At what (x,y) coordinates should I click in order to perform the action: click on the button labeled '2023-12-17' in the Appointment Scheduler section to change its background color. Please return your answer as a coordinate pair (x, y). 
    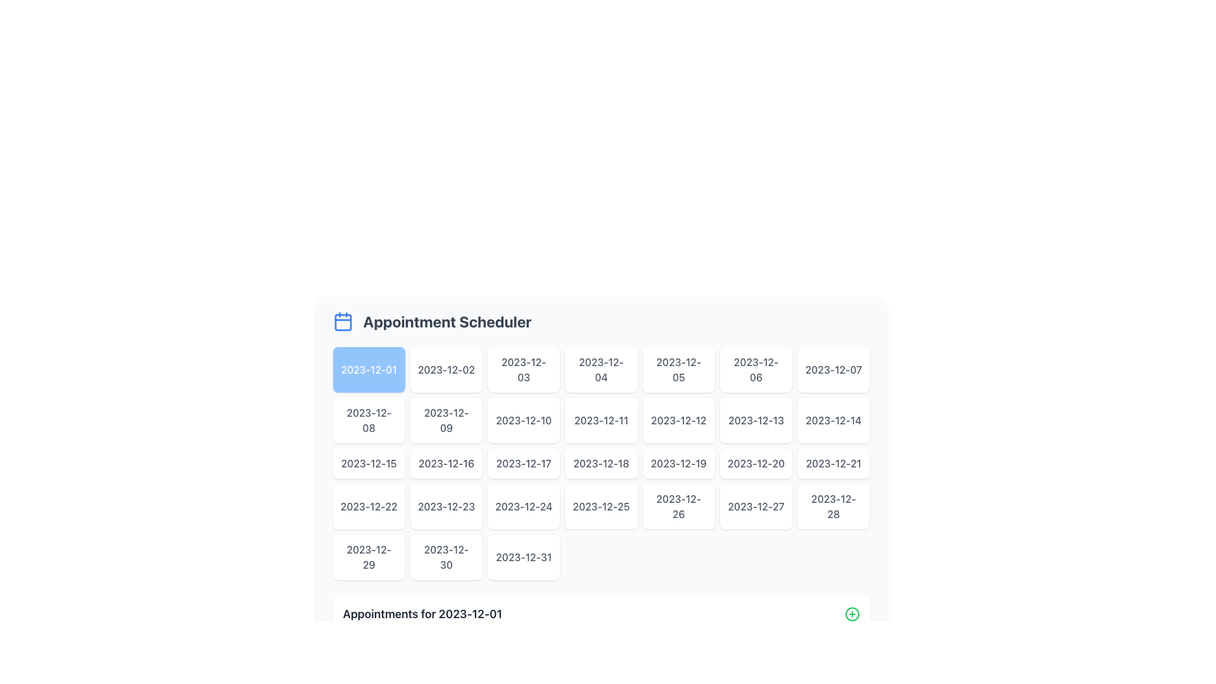
    Looking at the image, I should click on (524, 464).